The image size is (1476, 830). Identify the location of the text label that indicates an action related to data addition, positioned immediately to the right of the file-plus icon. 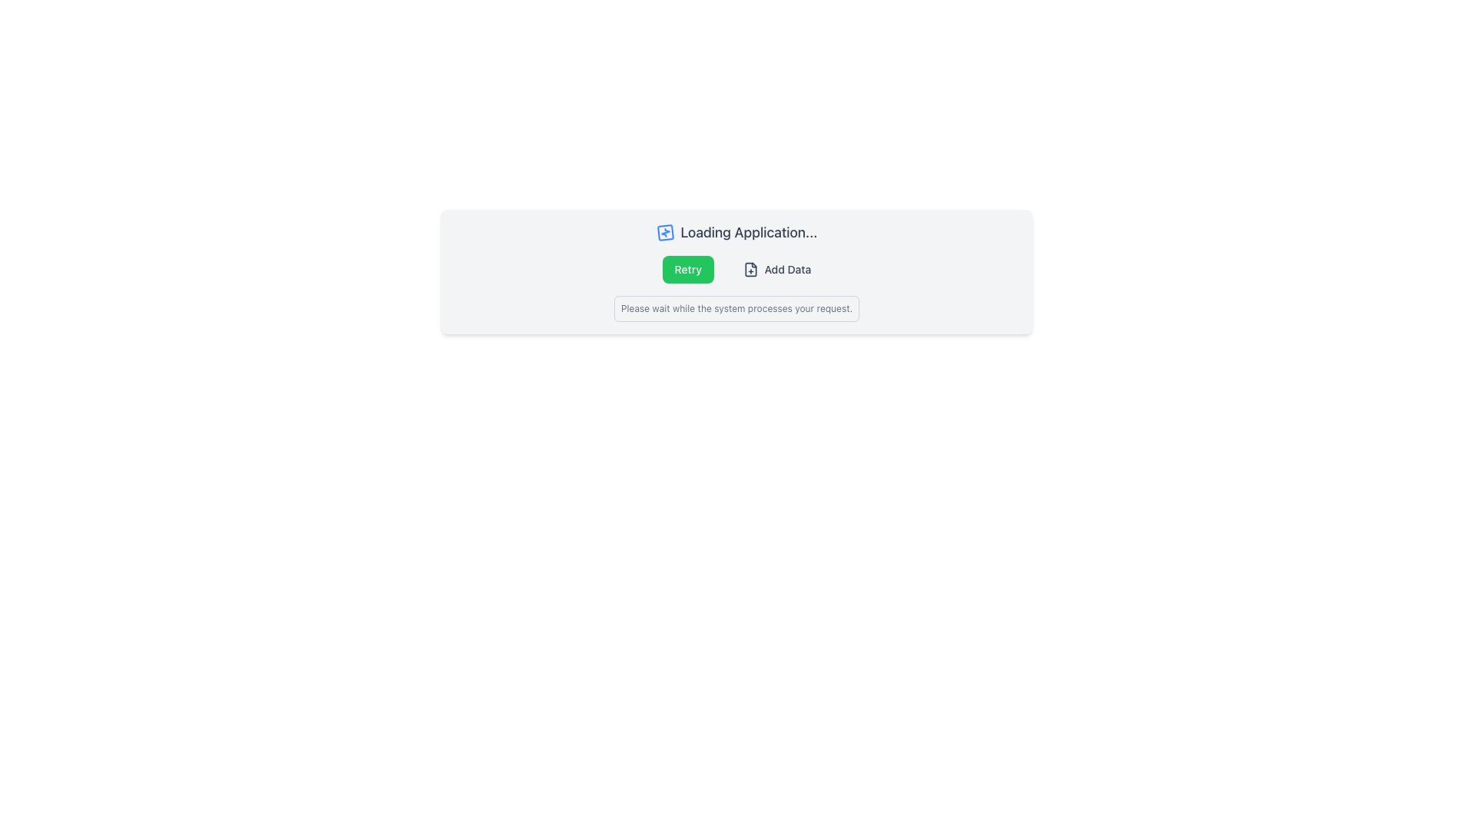
(787, 269).